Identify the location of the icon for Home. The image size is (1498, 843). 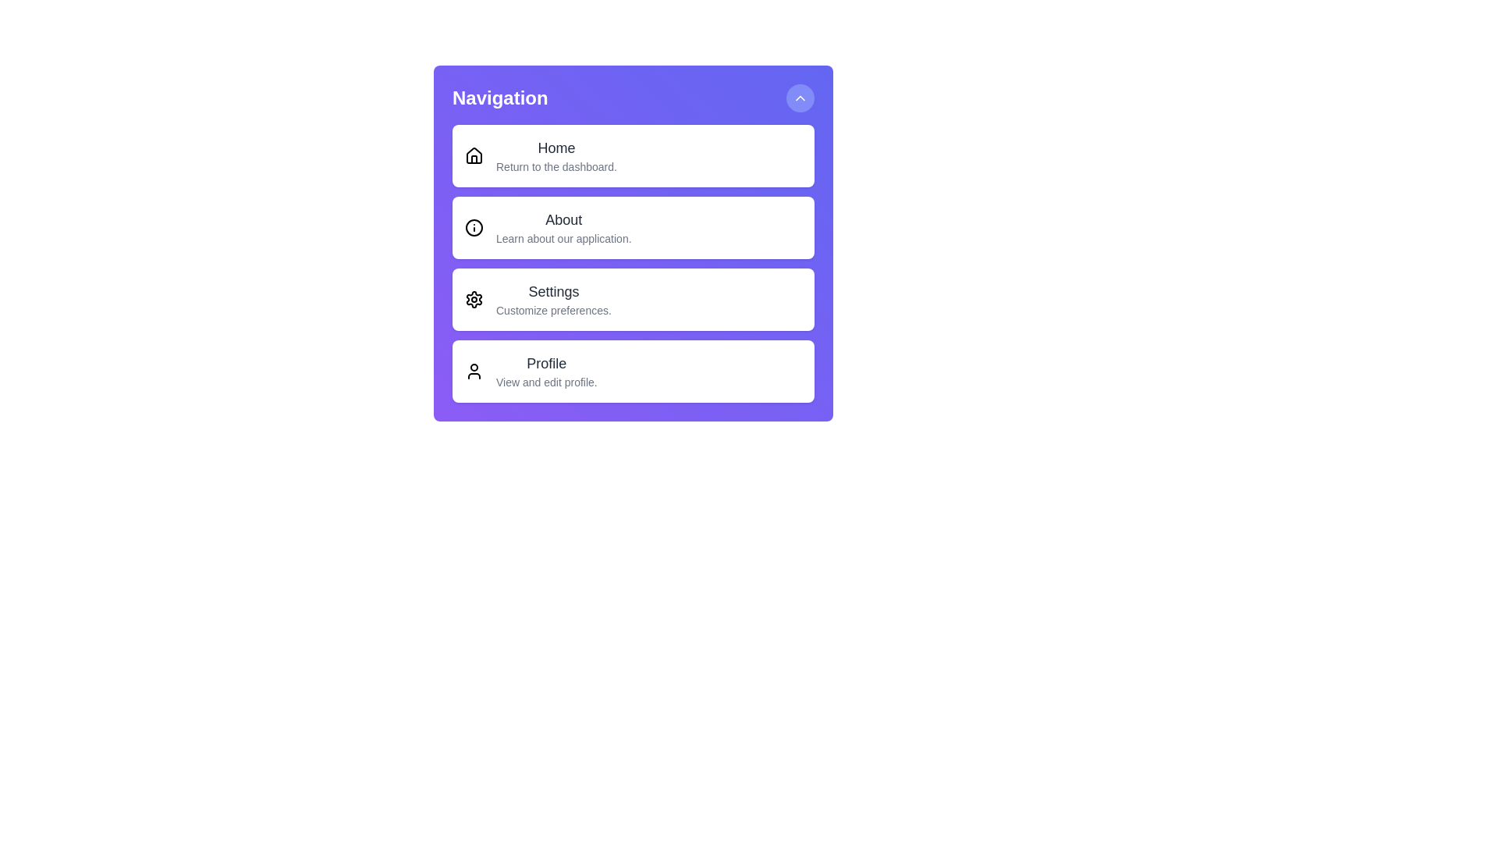
(474, 156).